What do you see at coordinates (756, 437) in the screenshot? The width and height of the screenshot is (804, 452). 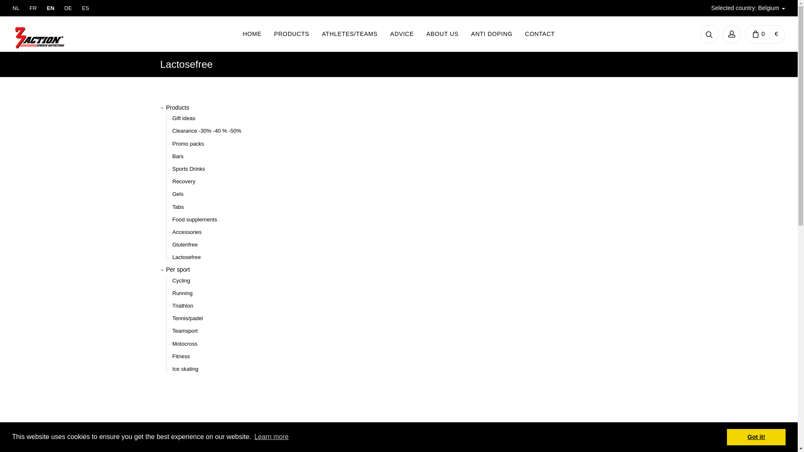 I see `'Got it!'` at bounding box center [756, 437].